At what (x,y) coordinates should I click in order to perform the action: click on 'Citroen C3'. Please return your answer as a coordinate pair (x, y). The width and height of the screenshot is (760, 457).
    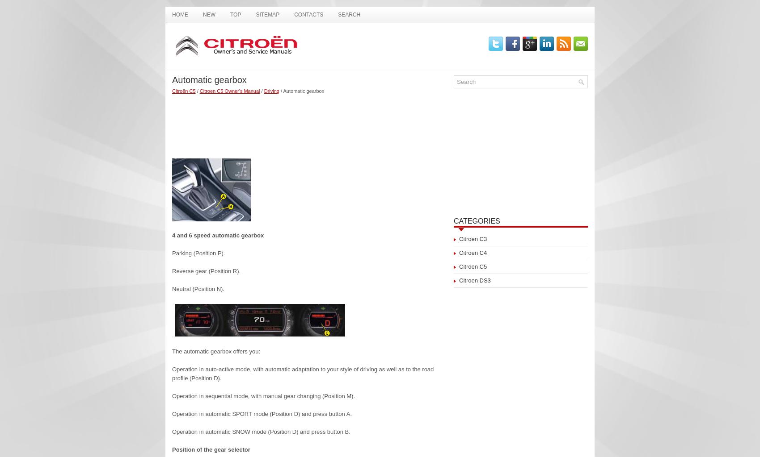
    Looking at the image, I should click on (473, 239).